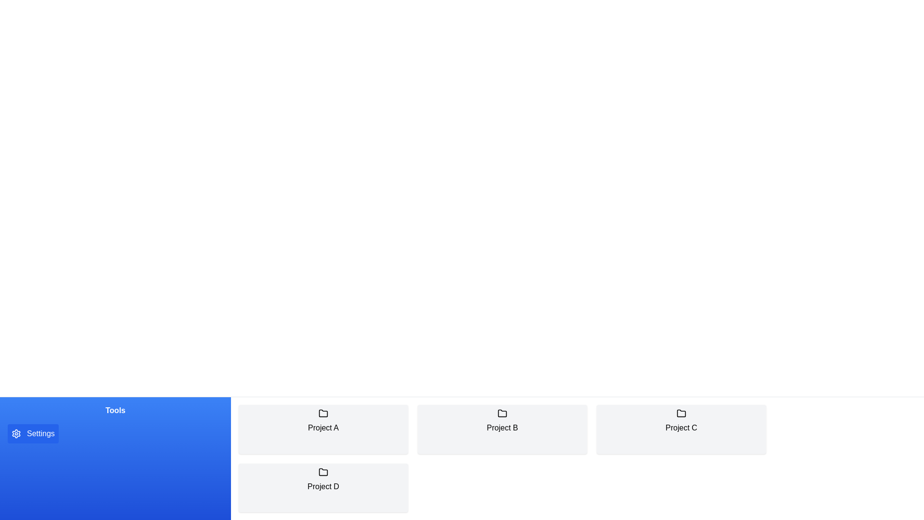 This screenshot has width=924, height=520. Describe the element at coordinates (323, 412) in the screenshot. I see `the folder-shaped icon representing 'Project A' located above its label in the interface` at that location.